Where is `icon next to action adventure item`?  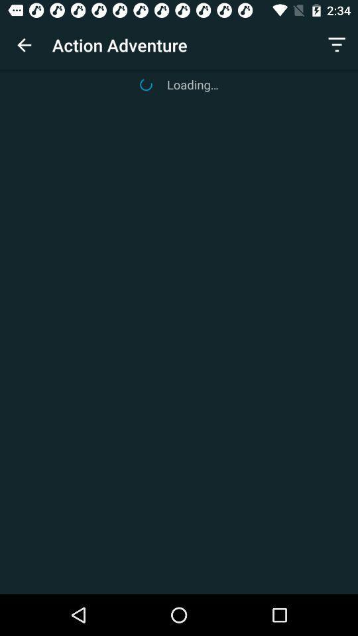 icon next to action adventure item is located at coordinates (337, 45).